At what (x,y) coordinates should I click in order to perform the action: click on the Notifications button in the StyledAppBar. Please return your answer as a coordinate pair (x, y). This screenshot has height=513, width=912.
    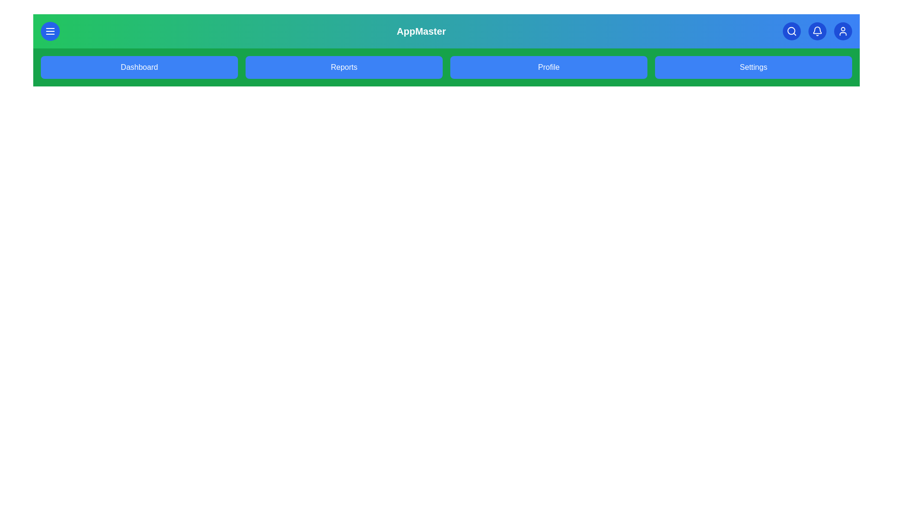
    Looking at the image, I should click on (817, 30).